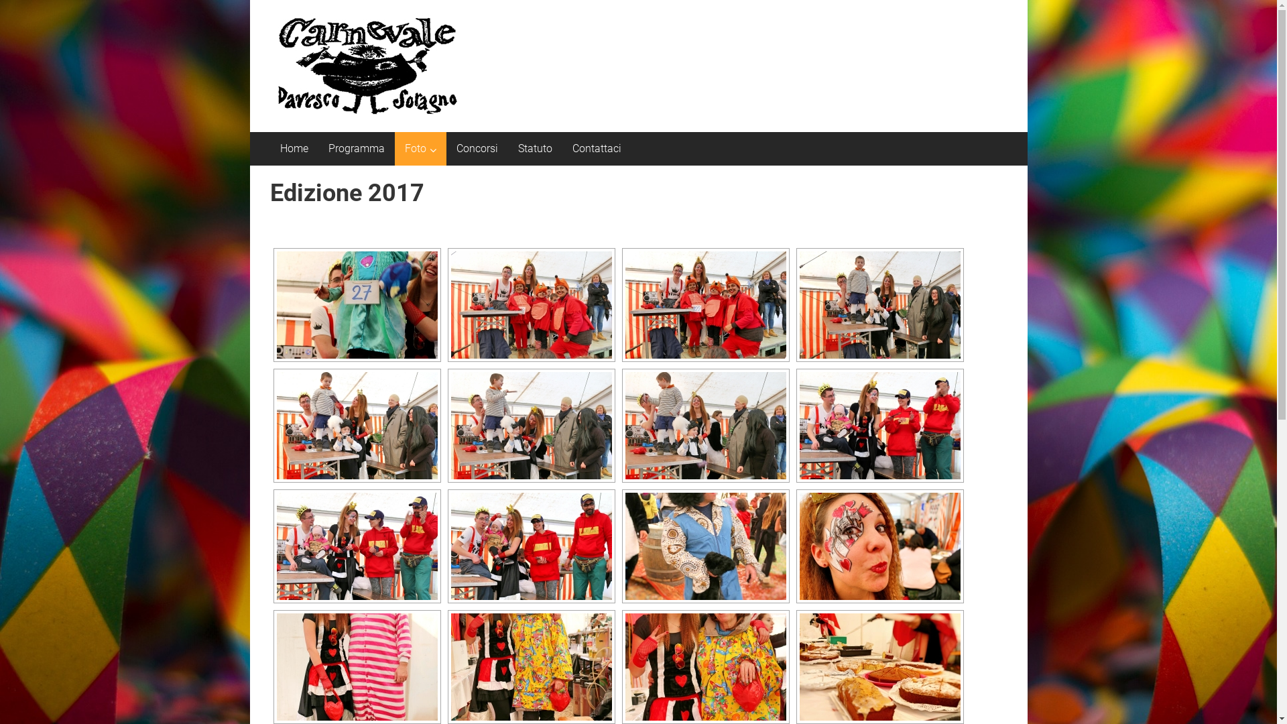 The width and height of the screenshot is (1287, 724). What do you see at coordinates (414, 149) in the screenshot?
I see `'Foto'` at bounding box center [414, 149].